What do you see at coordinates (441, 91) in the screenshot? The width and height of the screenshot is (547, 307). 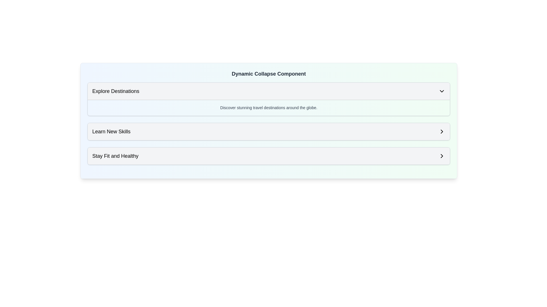 I see `the visual indicator icon for expanding or collapsing content in the 'Explore Destinations' section` at bounding box center [441, 91].